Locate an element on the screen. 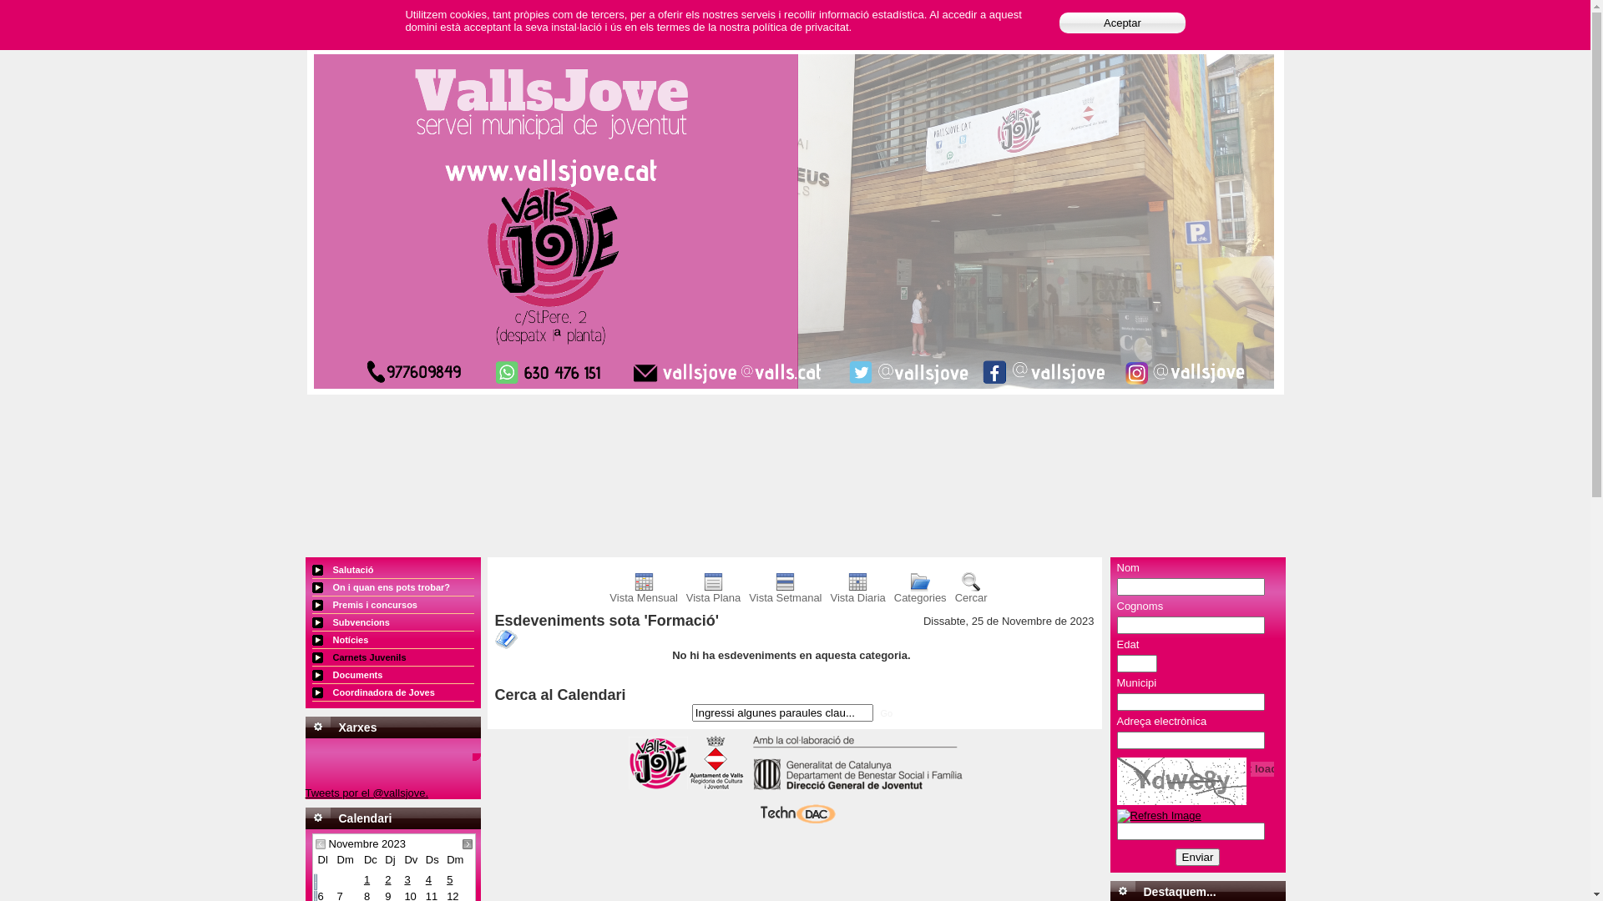 Image resolution: width=1603 pixels, height=901 pixels. 'Refresh Image' is located at coordinates (1158, 814).